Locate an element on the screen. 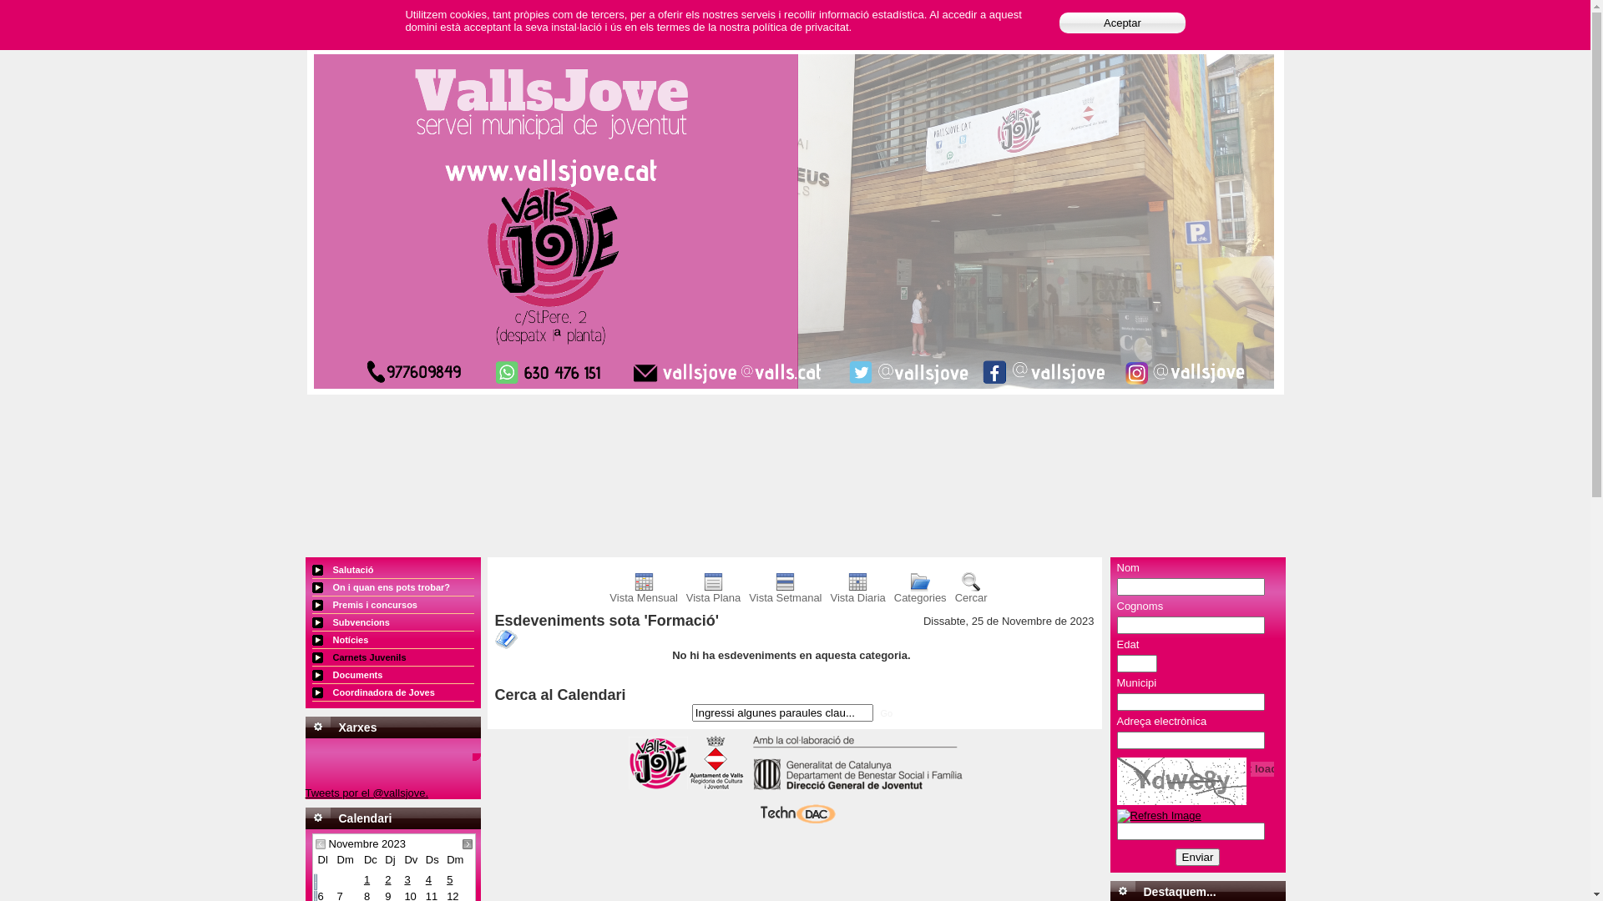 Image resolution: width=1603 pixels, height=901 pixels. 'Refresh Image' is located at coordinates (1158, 814).